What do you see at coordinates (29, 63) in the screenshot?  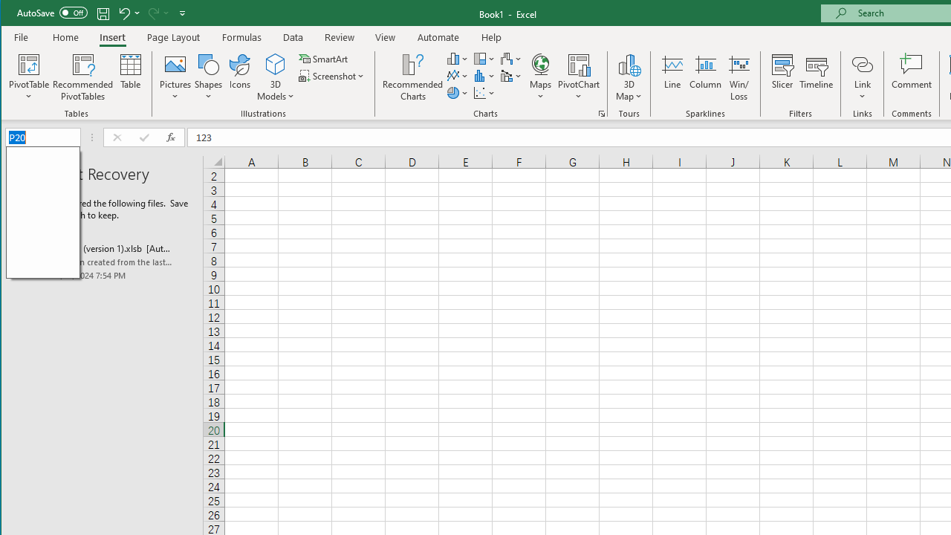 I see `'PivotTable'` at bounding box center [29, 63].